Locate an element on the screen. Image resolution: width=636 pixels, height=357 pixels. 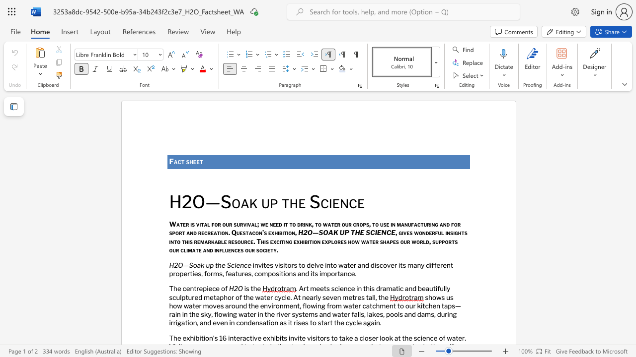
the space between the continuous character "r" and "t" in the text is located at coordinates (337, 273).